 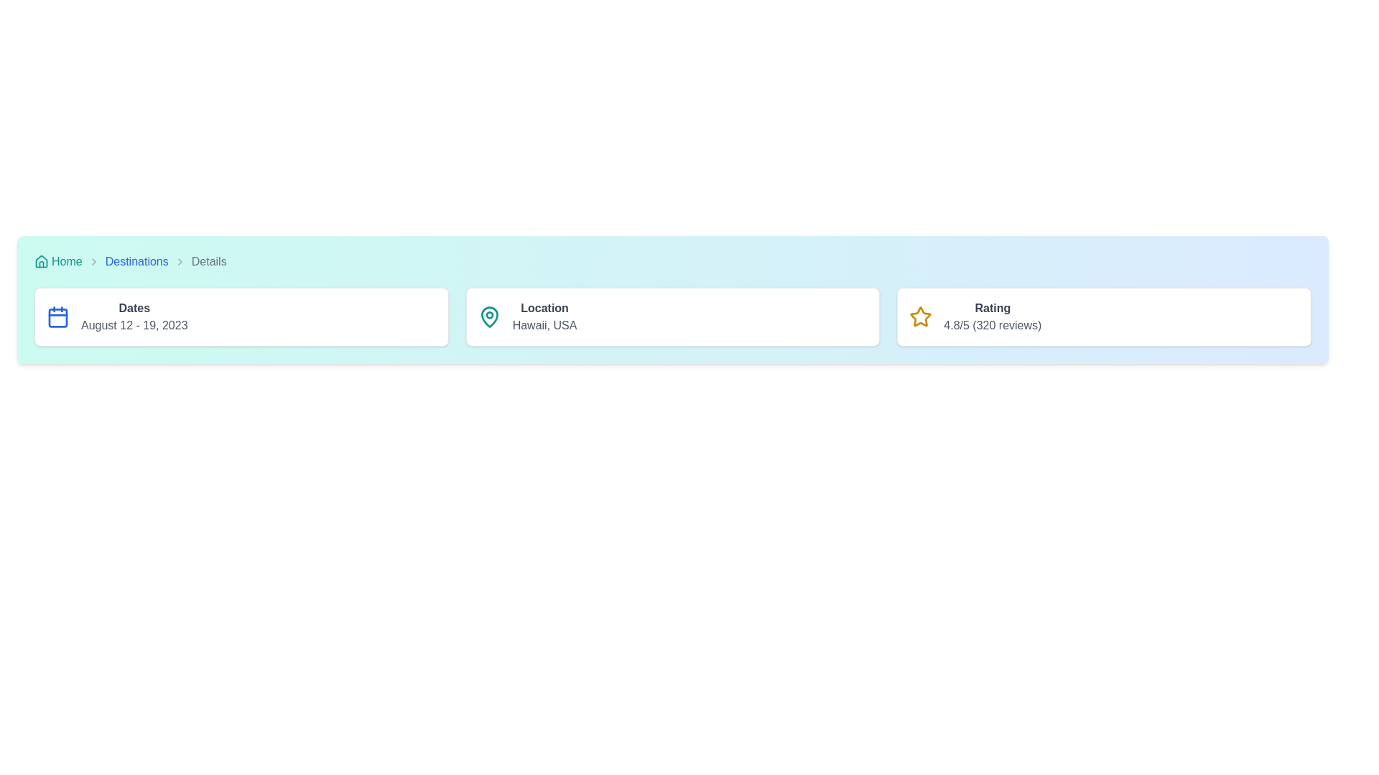 I want to click on the informational Text label indicating a date range, which is the first element in a row of three boxes, positioned to the left, so click(x=134, y=316).